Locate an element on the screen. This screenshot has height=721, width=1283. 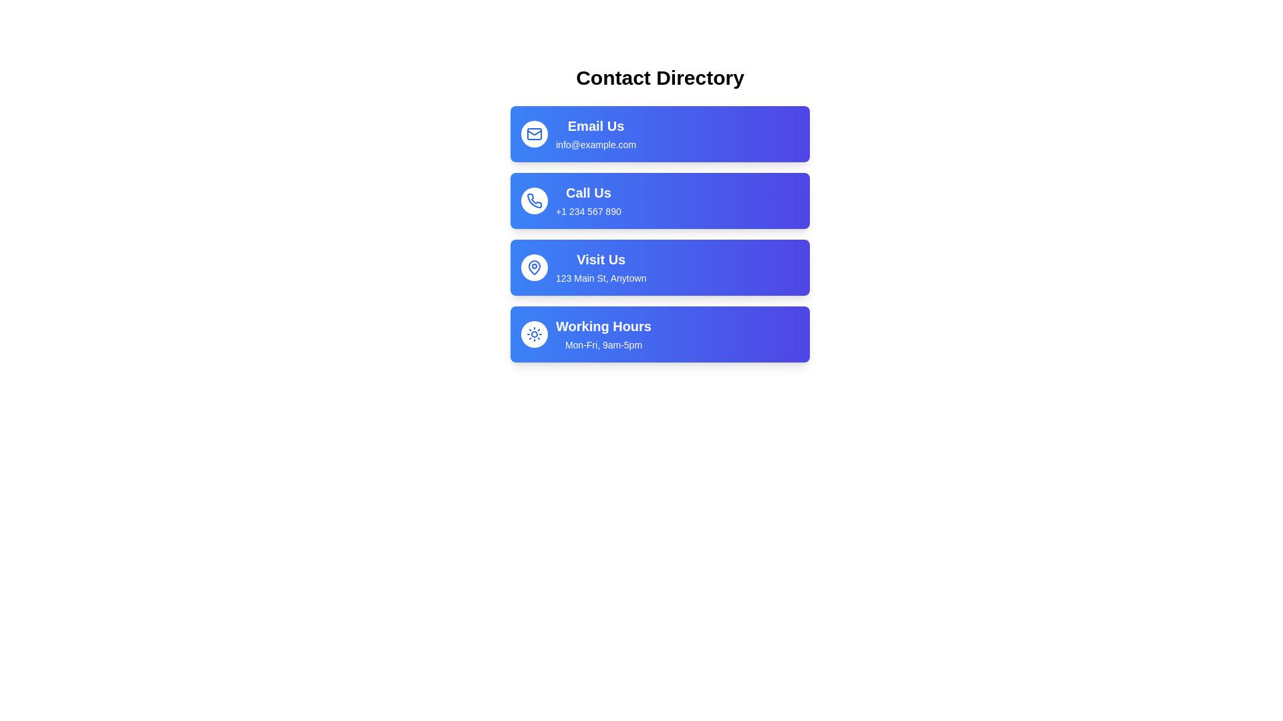
the circular icon with a white background and blue border that contains a blue envelope, located in the 'Email Us' section of the 'Contact Directory' is located at coordinates (535, 134).